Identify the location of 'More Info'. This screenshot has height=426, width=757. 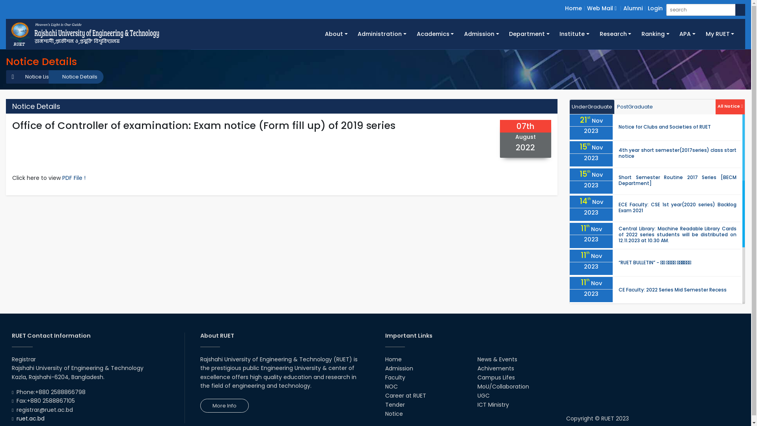
(224, 405).